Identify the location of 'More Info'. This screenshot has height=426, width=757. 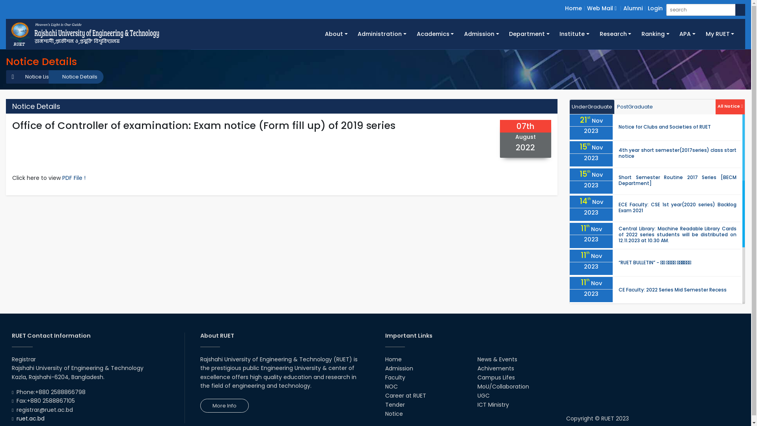
(224, 405).